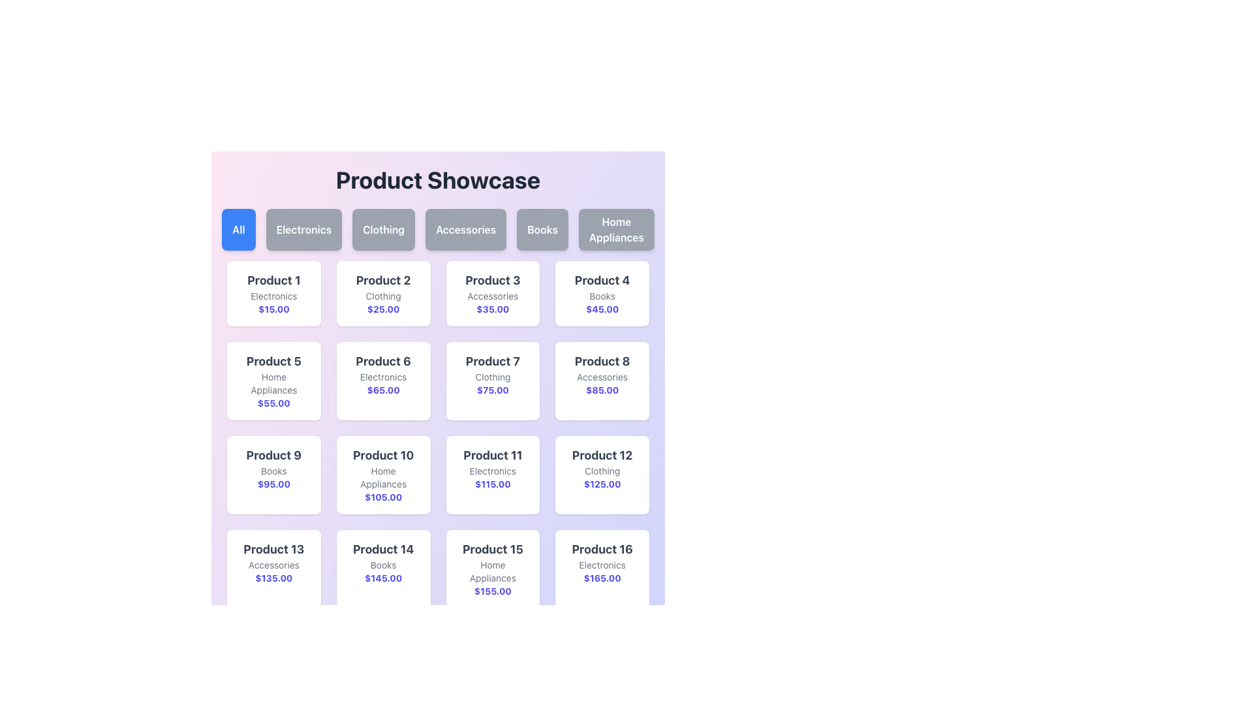 The height and width of the screenshot is (705, 1253). I want to click on the 'Accessories' button in the horizontal navigation bar to filter products by accessories, so click(438, 228).